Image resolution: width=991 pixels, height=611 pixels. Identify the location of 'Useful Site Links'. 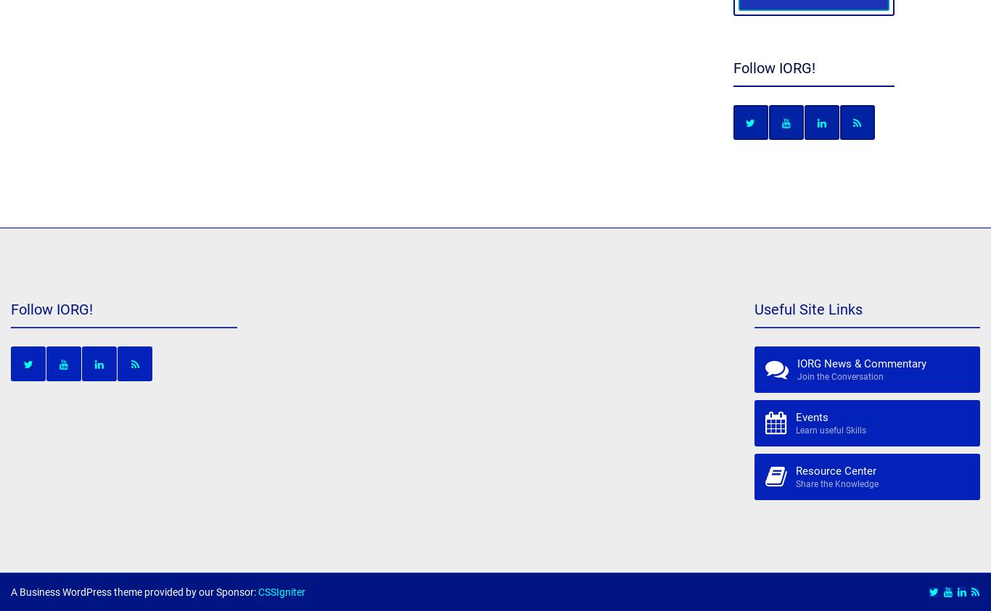
(807, 308).